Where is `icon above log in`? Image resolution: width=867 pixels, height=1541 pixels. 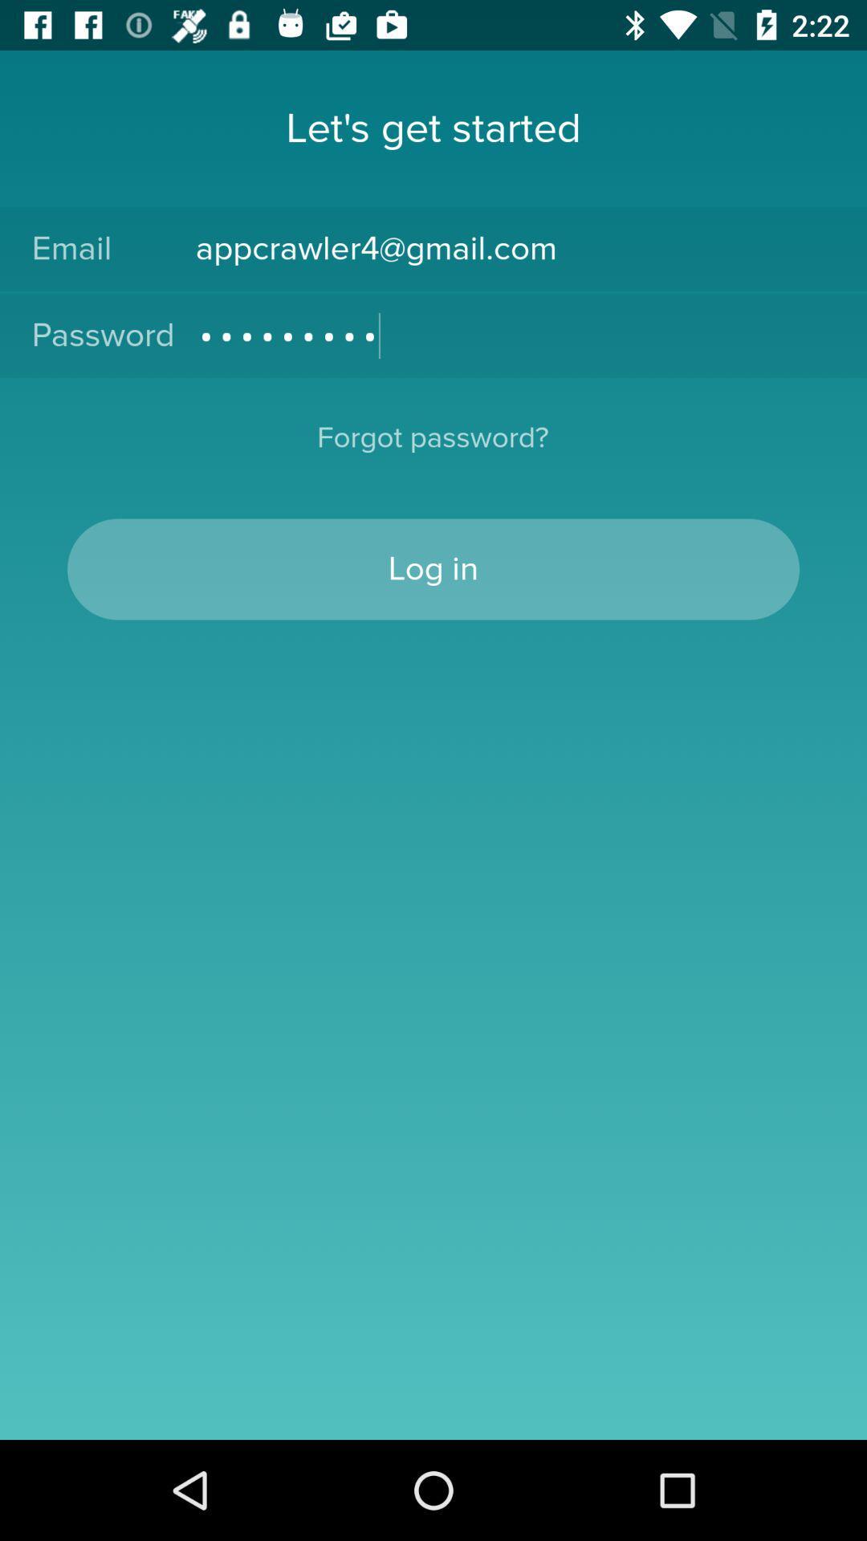 icon above log in is located at coordinates (432, 448).